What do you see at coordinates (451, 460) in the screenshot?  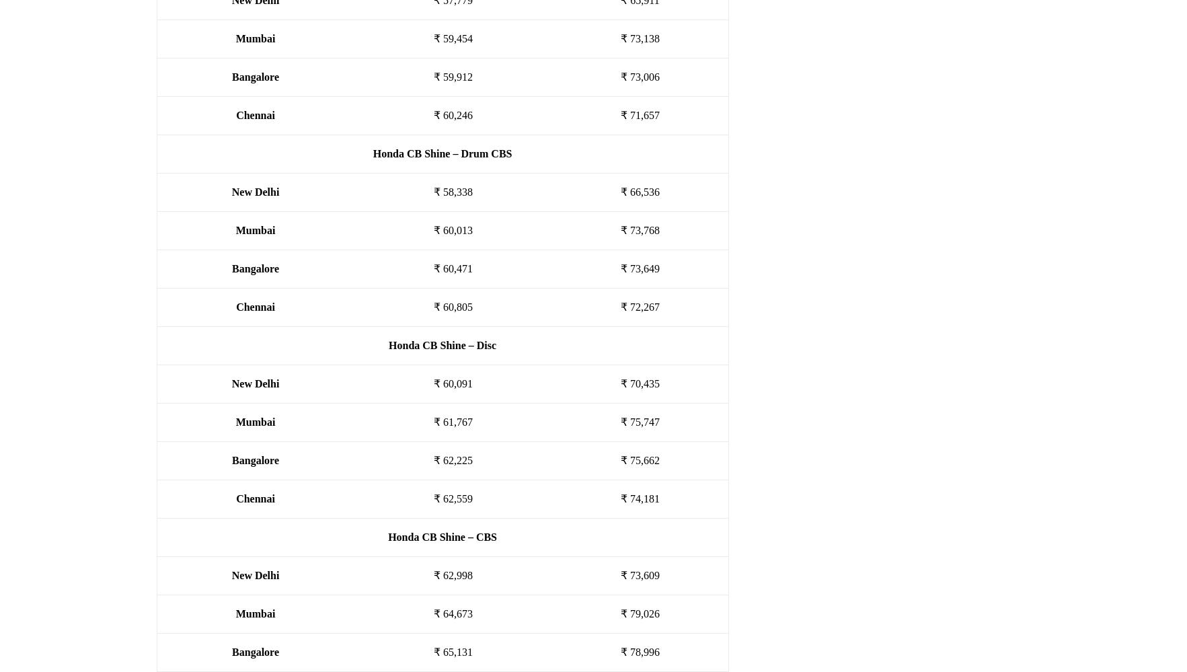 I see `'₹ 62,225'` at bounding box center [451, 460].